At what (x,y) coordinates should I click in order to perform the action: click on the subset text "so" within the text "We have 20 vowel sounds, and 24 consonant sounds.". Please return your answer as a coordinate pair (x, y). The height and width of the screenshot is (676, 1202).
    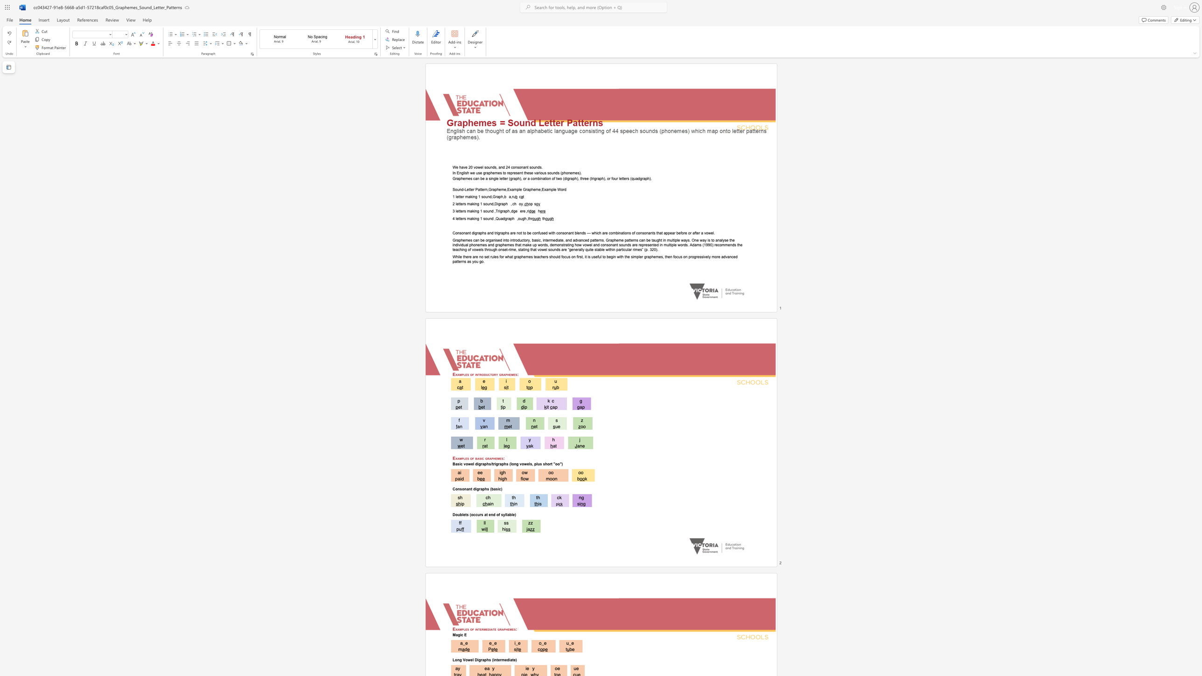
    Looking at the image, I should click on (529, 167).